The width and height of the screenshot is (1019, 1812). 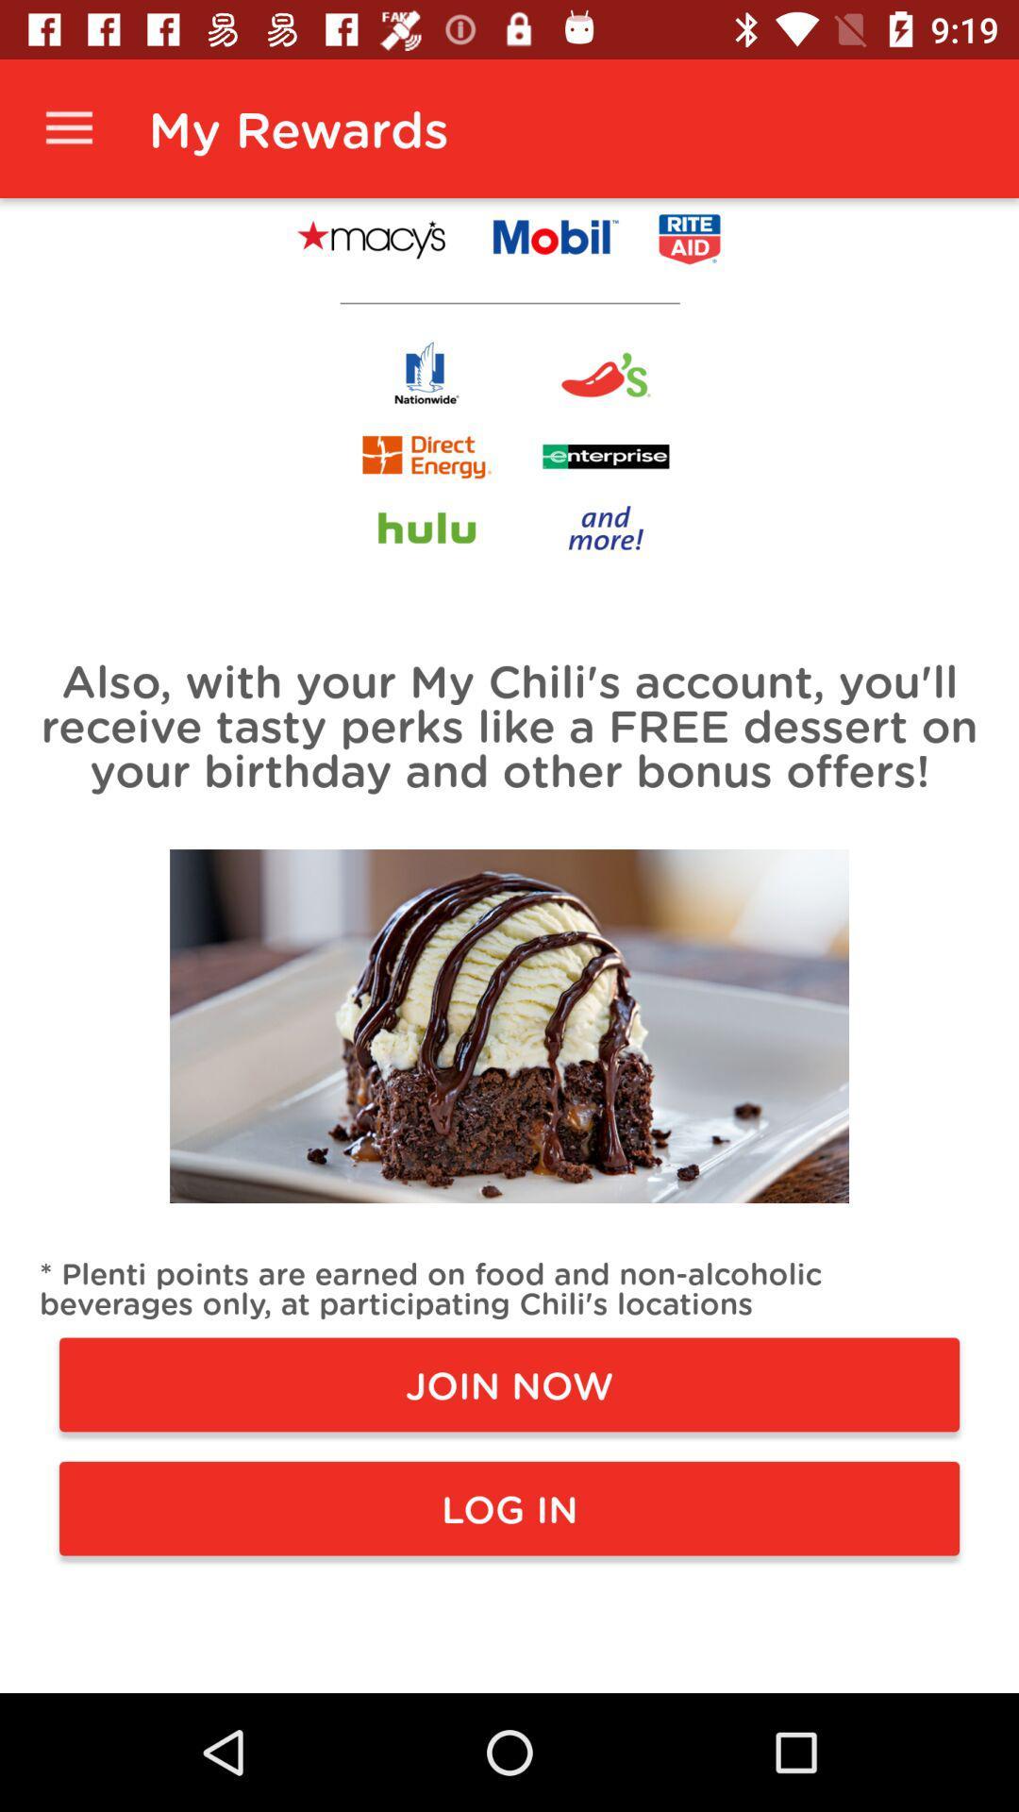 What do you see at coordinates (68, 127) in the screenshot?
I see `the icon to the left of the my rewards icon` at bounding box center [68, 127].